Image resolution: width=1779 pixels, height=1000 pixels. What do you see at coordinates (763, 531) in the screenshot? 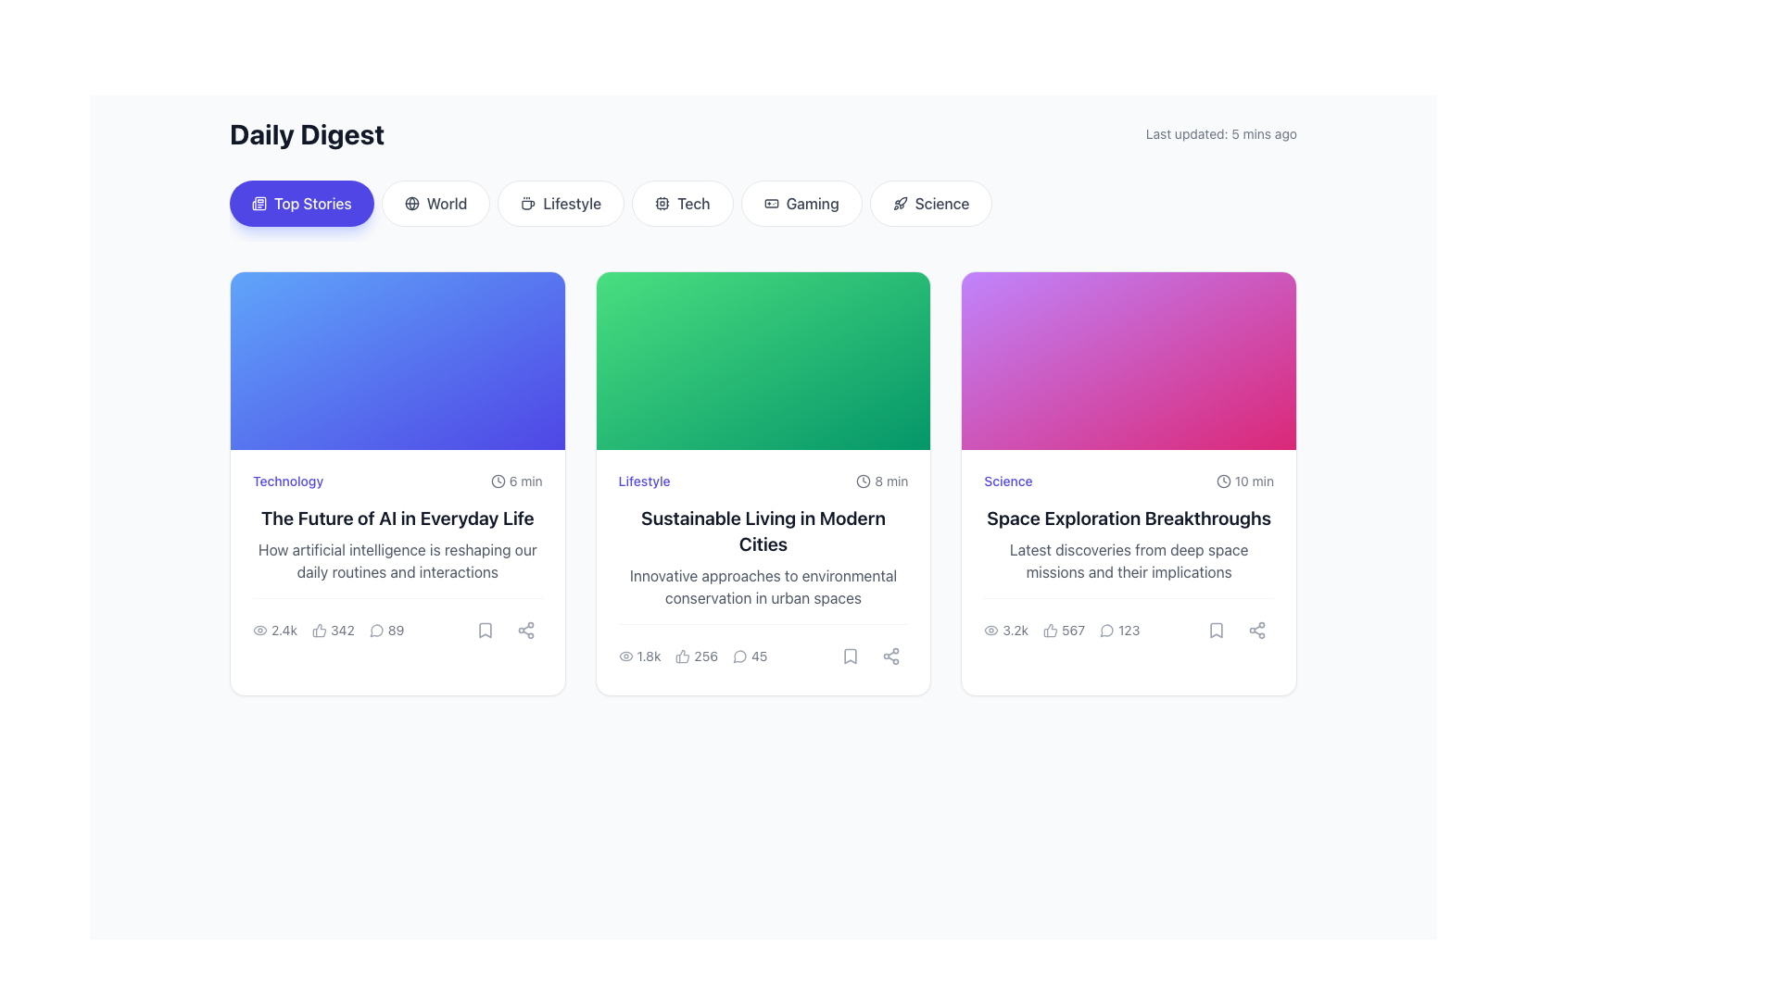
I see `text label that serves as the title or heading for the content presented in the central card of the three-card grid layout, located below 'Lifestyle' and to the left of 'Space Exploration Breakthroughs'` at bounding box center [763, 531].